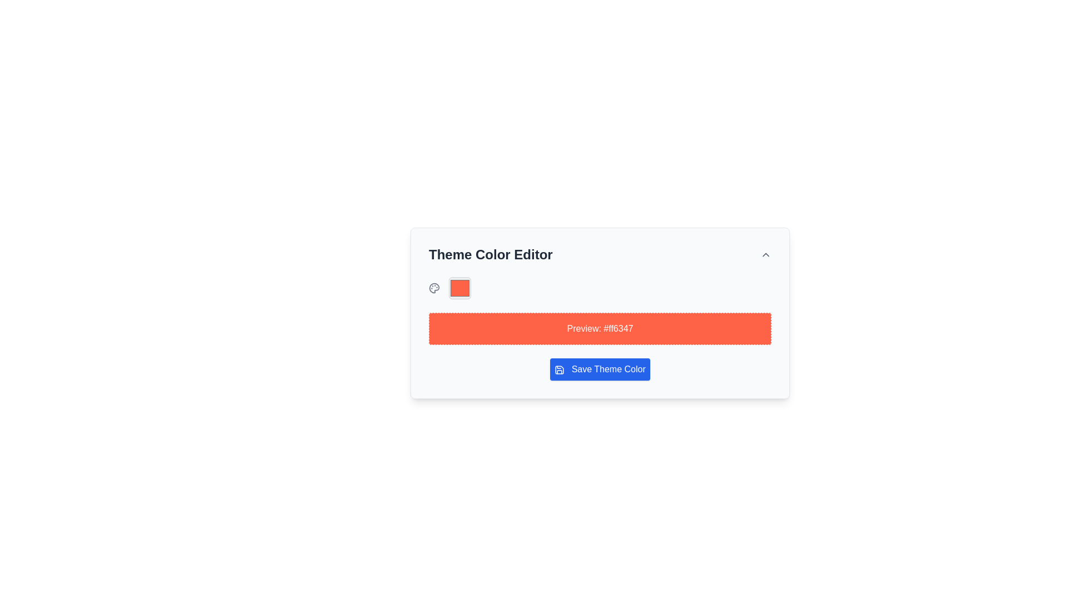 The image size is (1068, 601). Describe the element at coordinates (560, 370) in the screenshot. I see `the decorative icon that symbolizes the saving or storage functionality, located adjacent to the 'Save Theme Color' button in the Theme Color Editor interface` at that location.